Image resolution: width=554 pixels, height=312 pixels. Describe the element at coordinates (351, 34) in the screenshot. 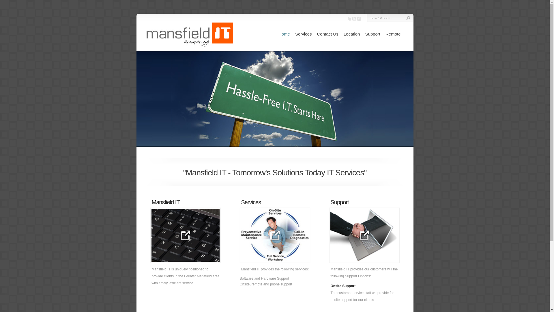

I see `'Location'` at that location.